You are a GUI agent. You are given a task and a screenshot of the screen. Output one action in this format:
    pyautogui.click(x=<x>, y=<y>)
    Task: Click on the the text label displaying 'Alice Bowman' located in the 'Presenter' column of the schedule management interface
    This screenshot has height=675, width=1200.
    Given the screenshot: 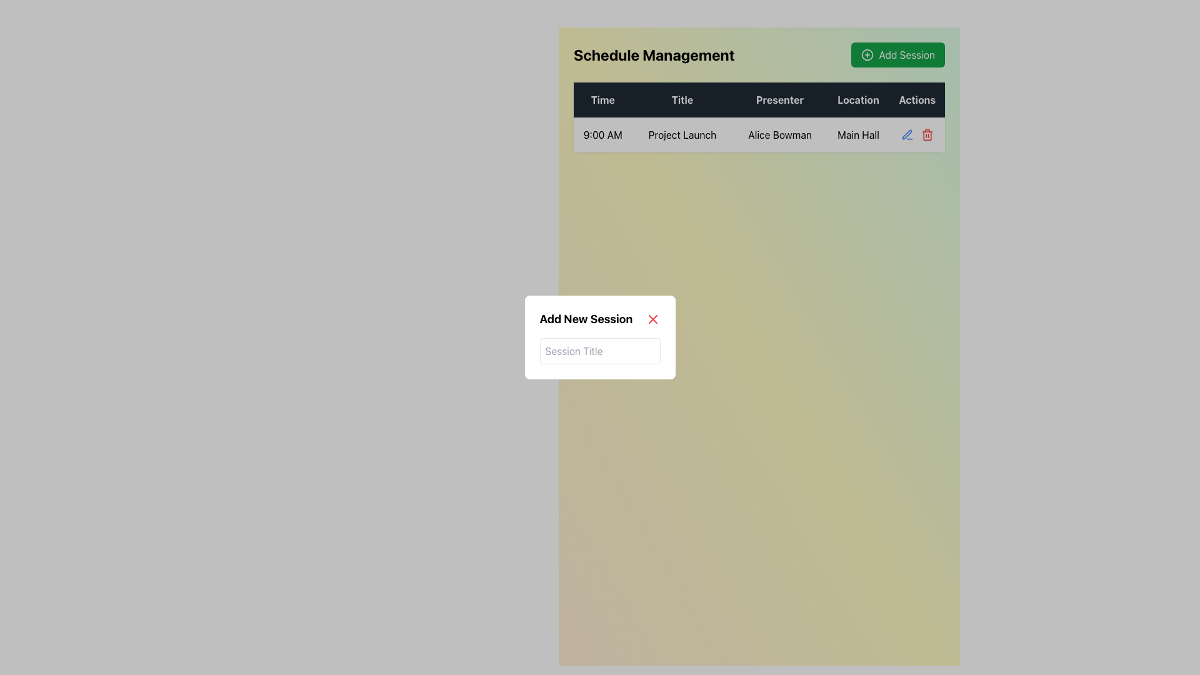 What is the action you would take?
    pyautogui.click(x=779, y=135)
    